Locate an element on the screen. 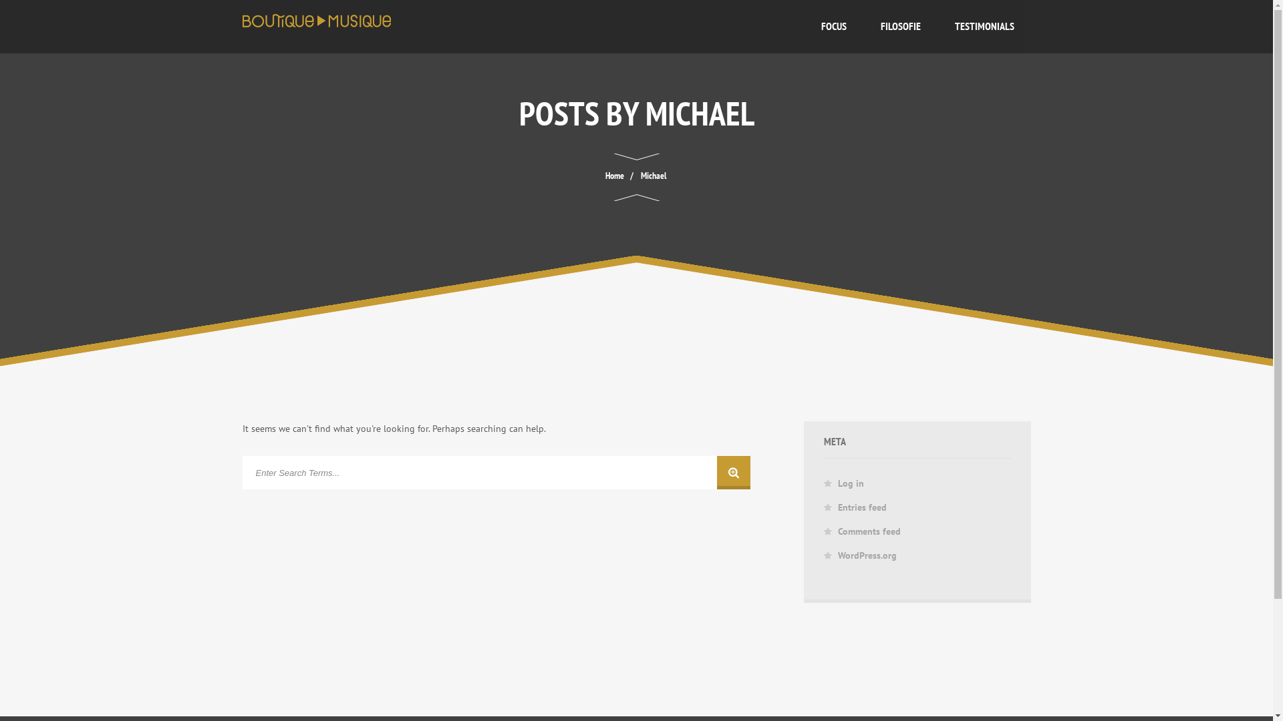 This screenshot has width=1283, height=721. 'Comments feed' is located at coordinates (869, 530).